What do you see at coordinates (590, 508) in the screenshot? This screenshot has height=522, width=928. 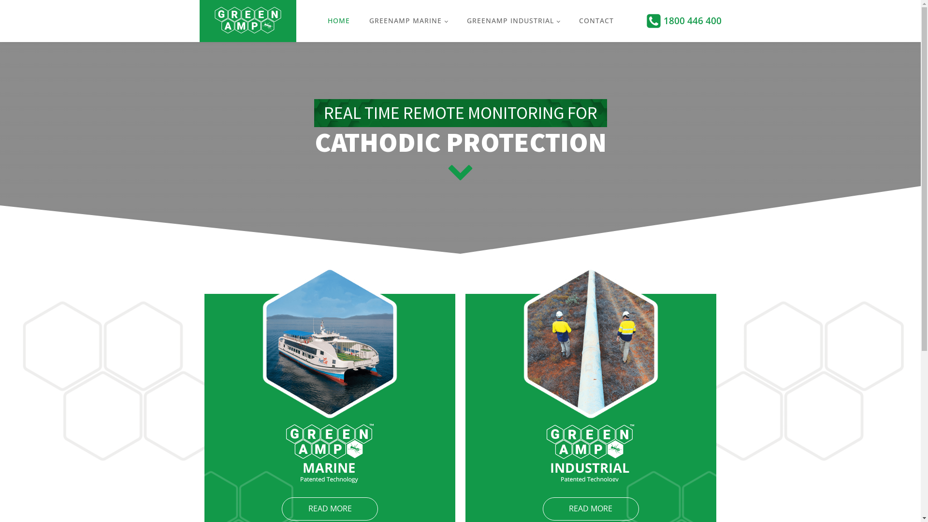 I see `'READ MORE'` at bounding box center [590, 508].